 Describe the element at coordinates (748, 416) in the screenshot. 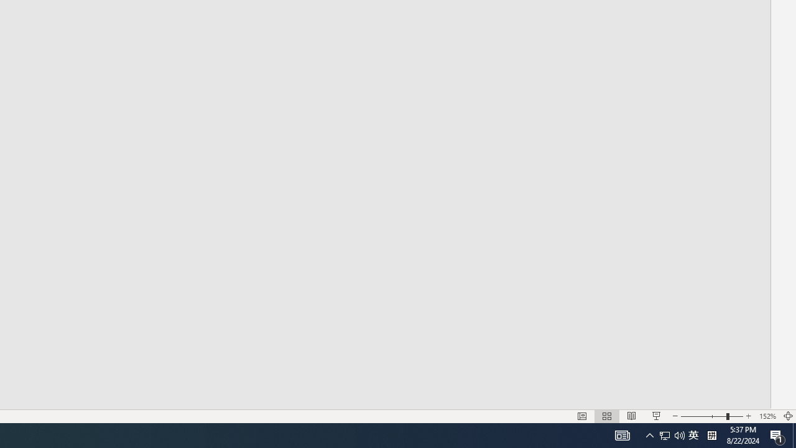

I see `'Zoom In'` at that location.